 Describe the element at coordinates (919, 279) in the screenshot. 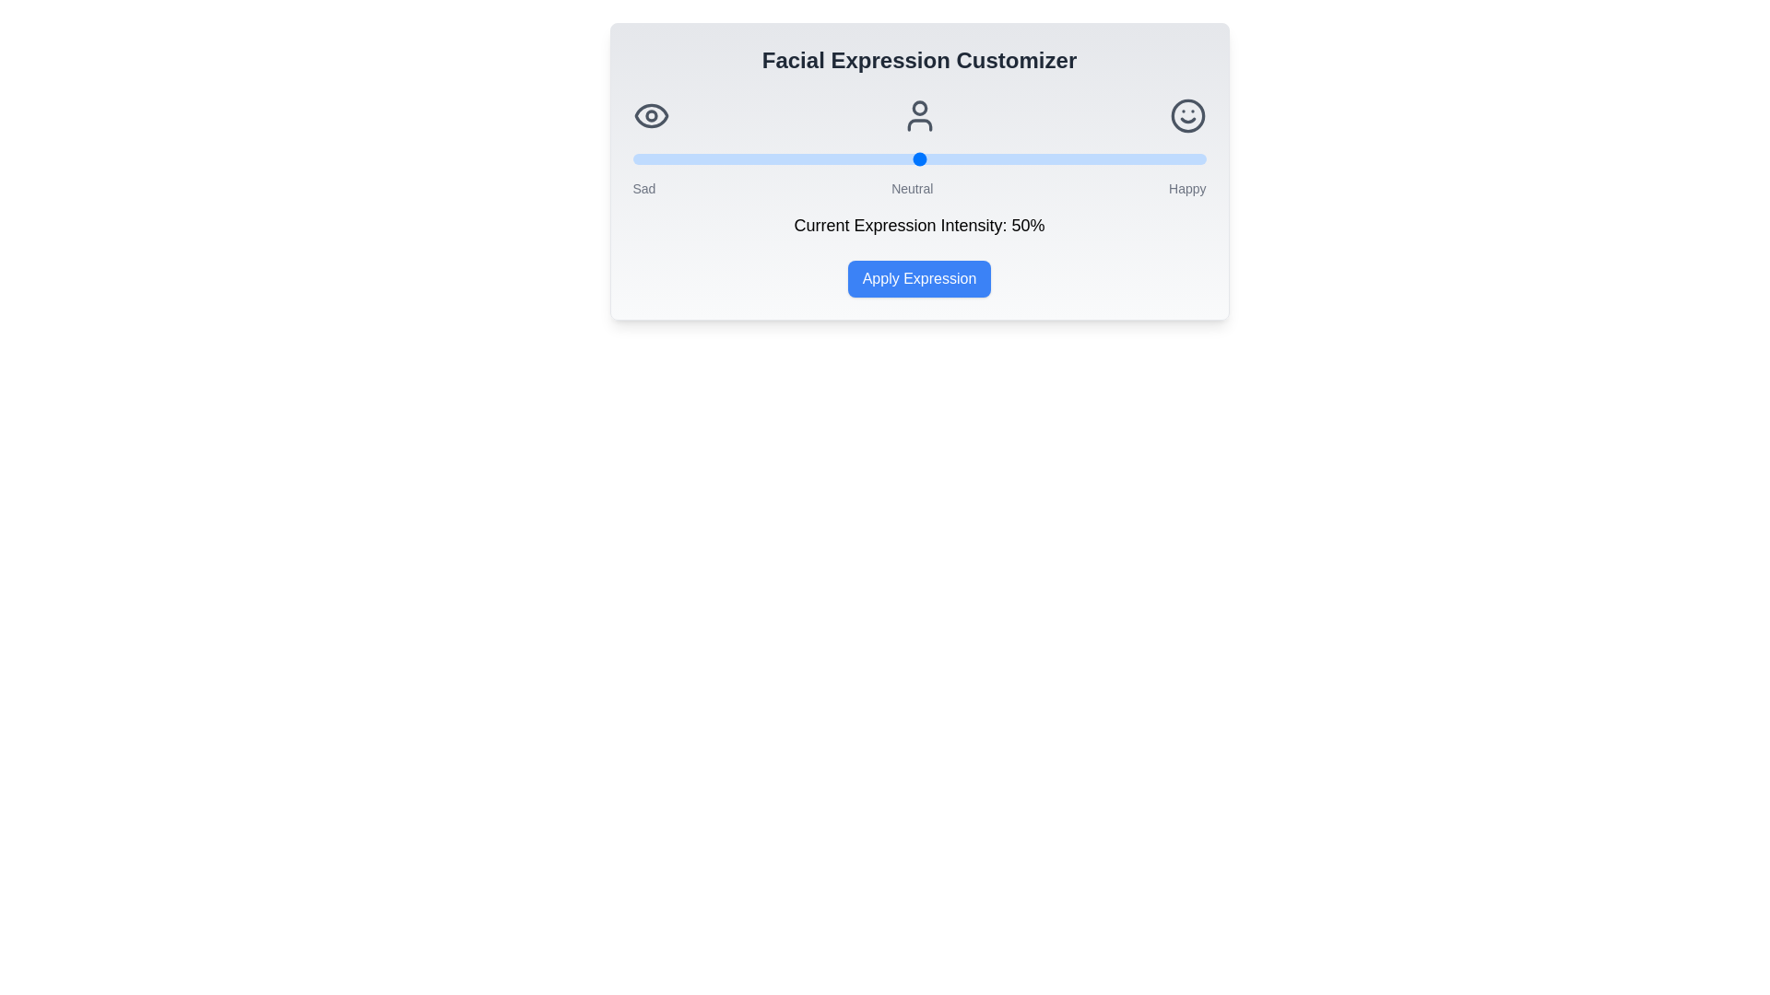

I see `the 'Apply Expression' button to finalize the selected expression` at that location.